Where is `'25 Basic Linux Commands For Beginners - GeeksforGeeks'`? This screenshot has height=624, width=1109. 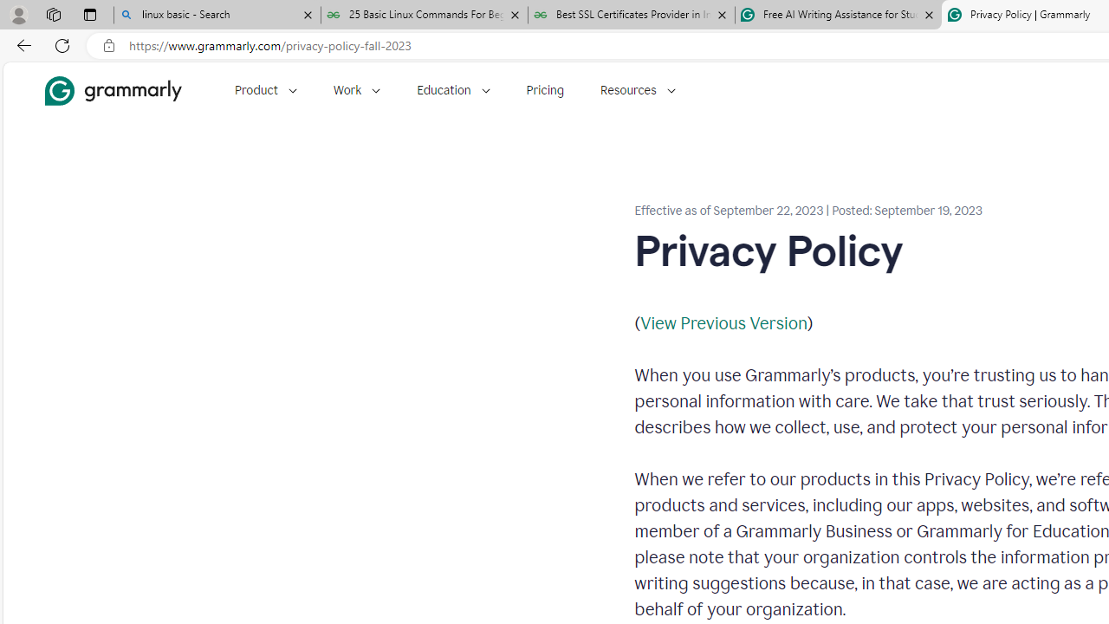 '25 Basic Linux Commands For Beginners - GeeksforGeeks' is located at coordinates (425, 15).